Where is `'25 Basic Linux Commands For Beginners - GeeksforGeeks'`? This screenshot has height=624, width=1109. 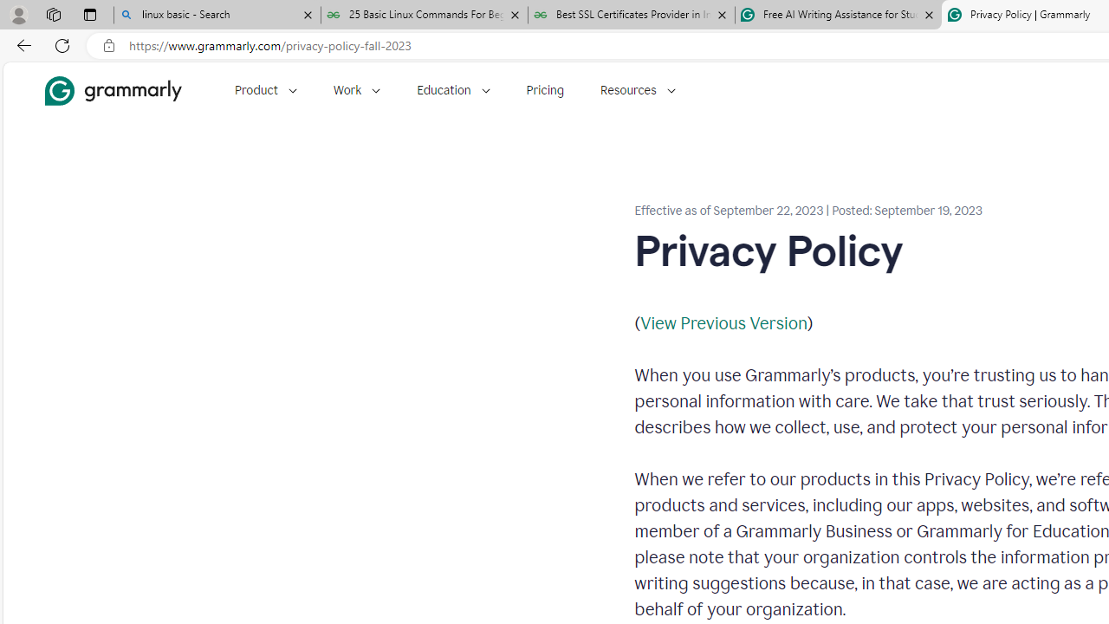 '25 Basic Linux Commands For Beginners - GeeksforGeeks' is located at coordinates (425, 15).